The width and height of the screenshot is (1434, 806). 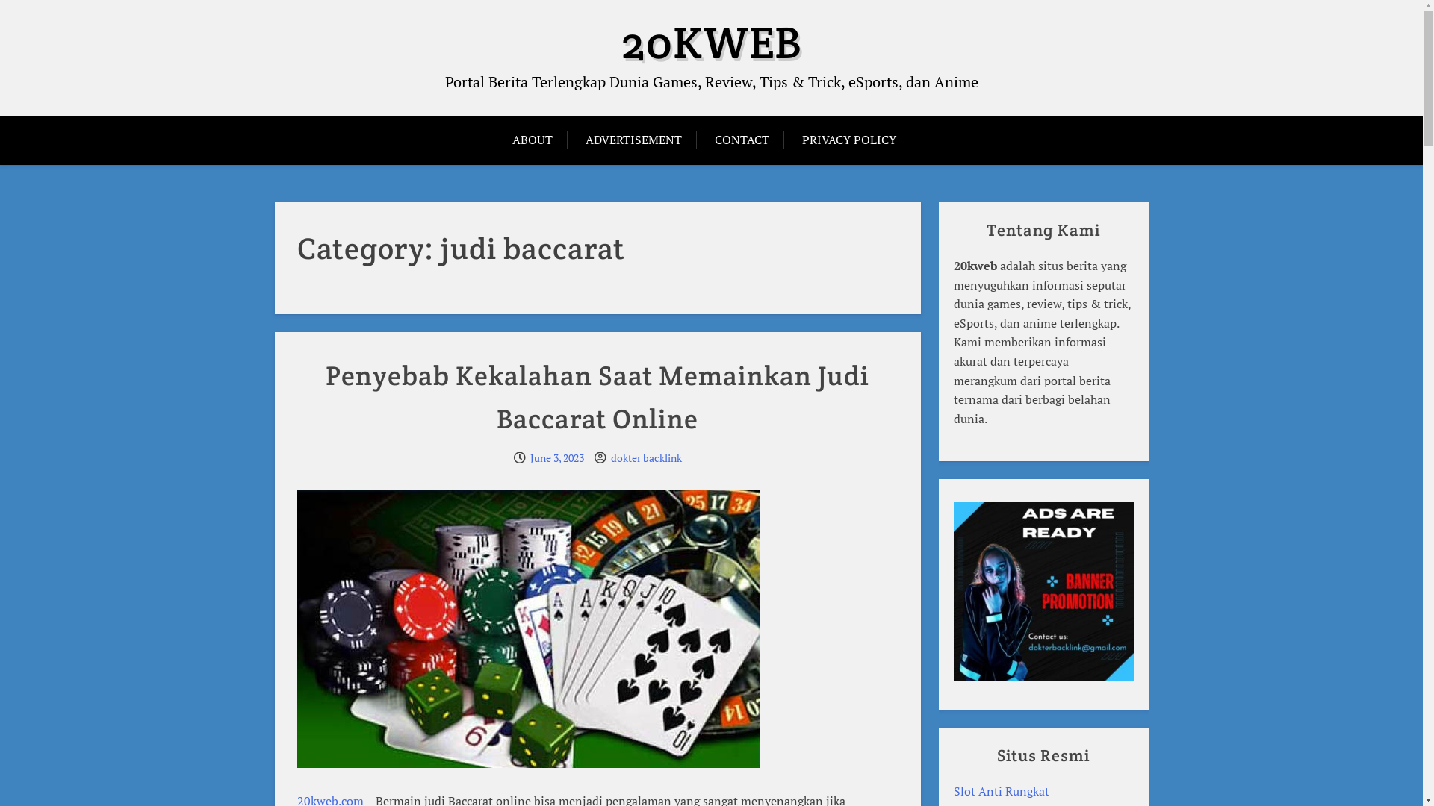 I want to click on 'dokter backlink', so click(x=646, y=457).